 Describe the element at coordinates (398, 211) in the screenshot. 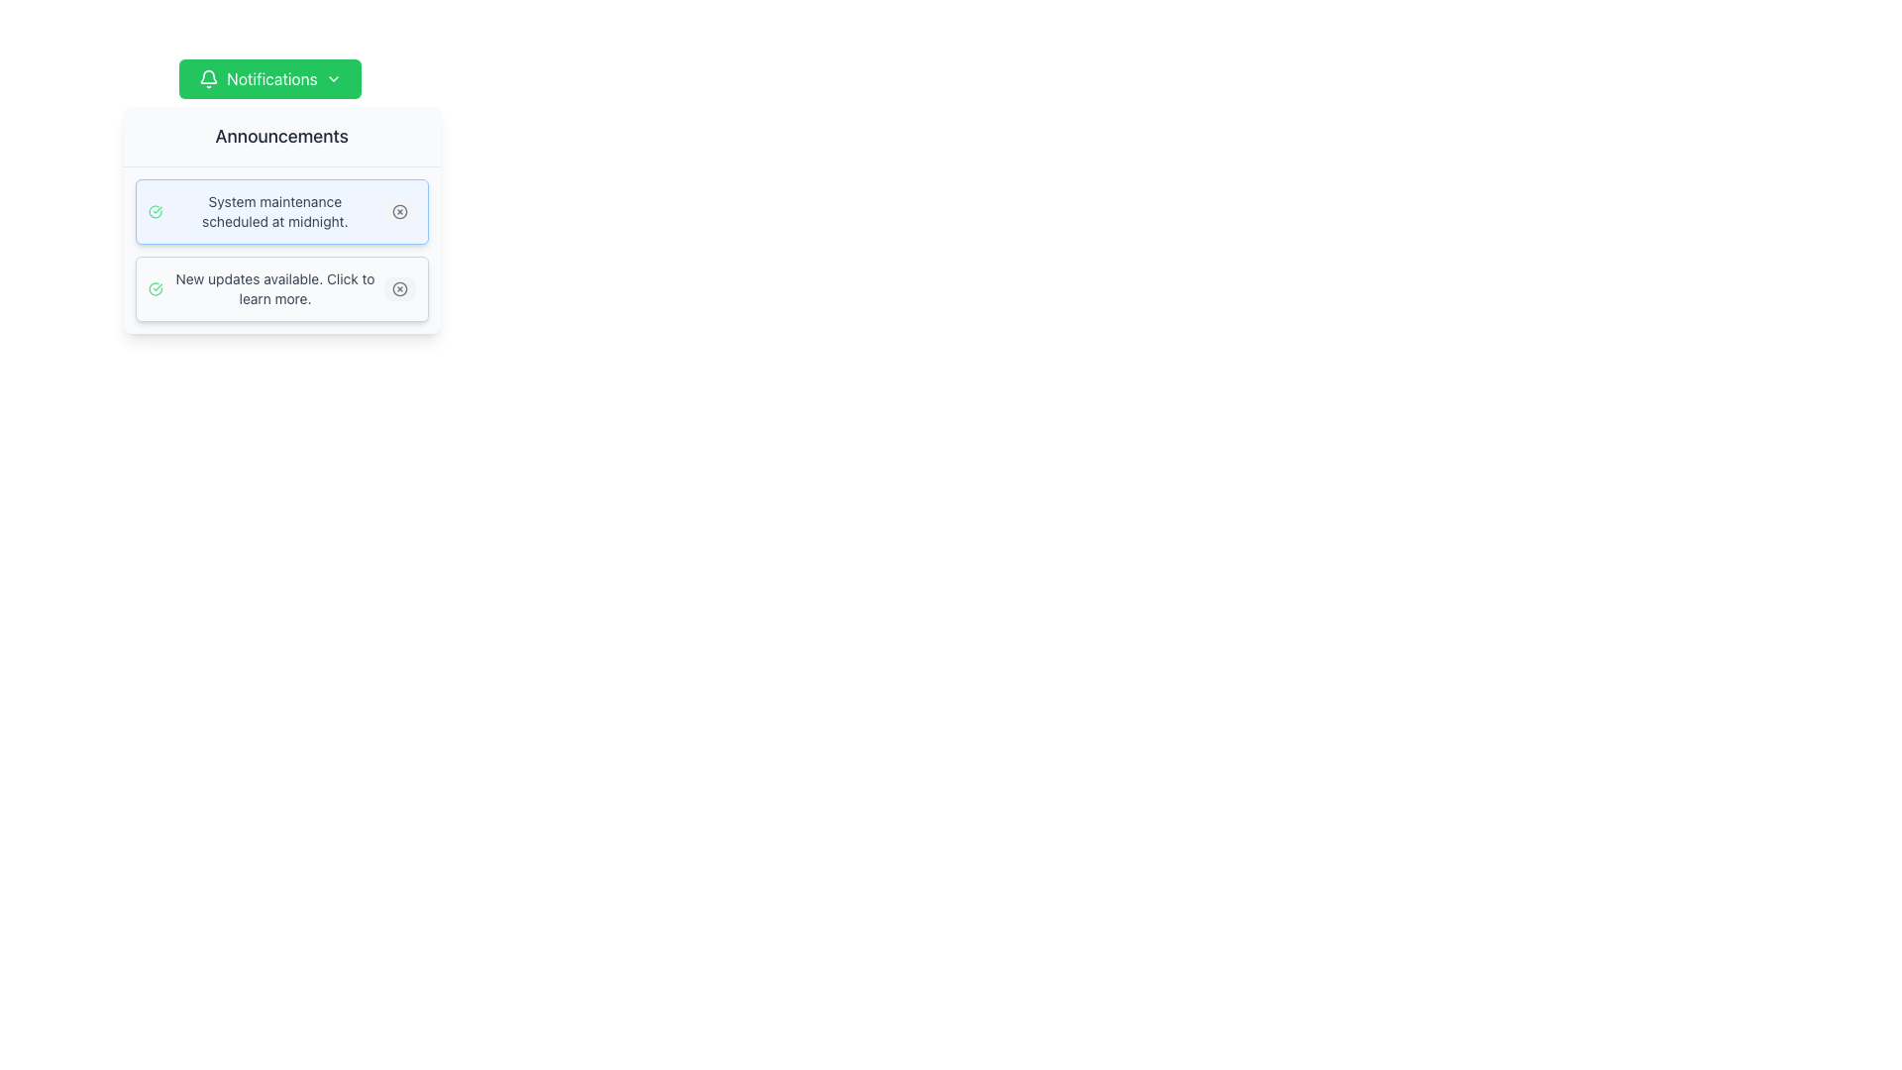

I see `the Close icon located on the right-hand side of the notification line reading 'System maintenance scheduled at midnight.'` at that location.